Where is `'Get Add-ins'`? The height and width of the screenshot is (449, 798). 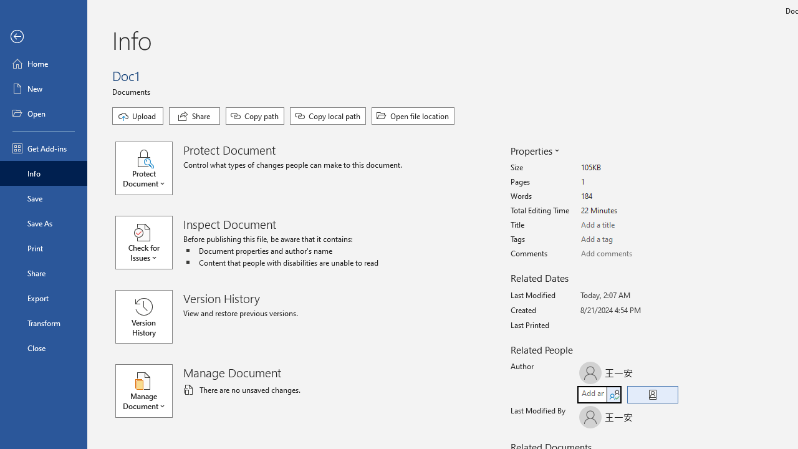 'Get Add-ins' is located at coordinates (43, 147).